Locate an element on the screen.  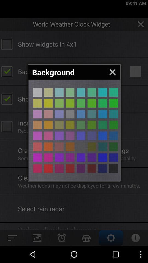
background colour is located at coordinates (37, 158).